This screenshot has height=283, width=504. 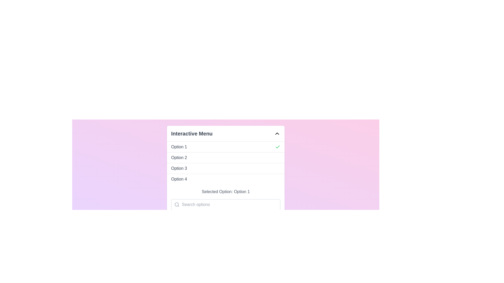 What do you see at coordinates (225, 163) in the screenshot?
I see `the list` at bounding box center [225, 163].